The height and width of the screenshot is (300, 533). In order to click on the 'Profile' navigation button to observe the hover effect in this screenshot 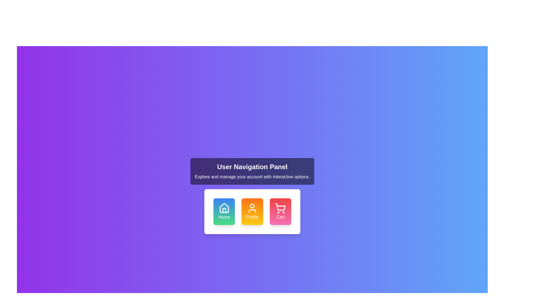, I will do `click(252, 212)`.